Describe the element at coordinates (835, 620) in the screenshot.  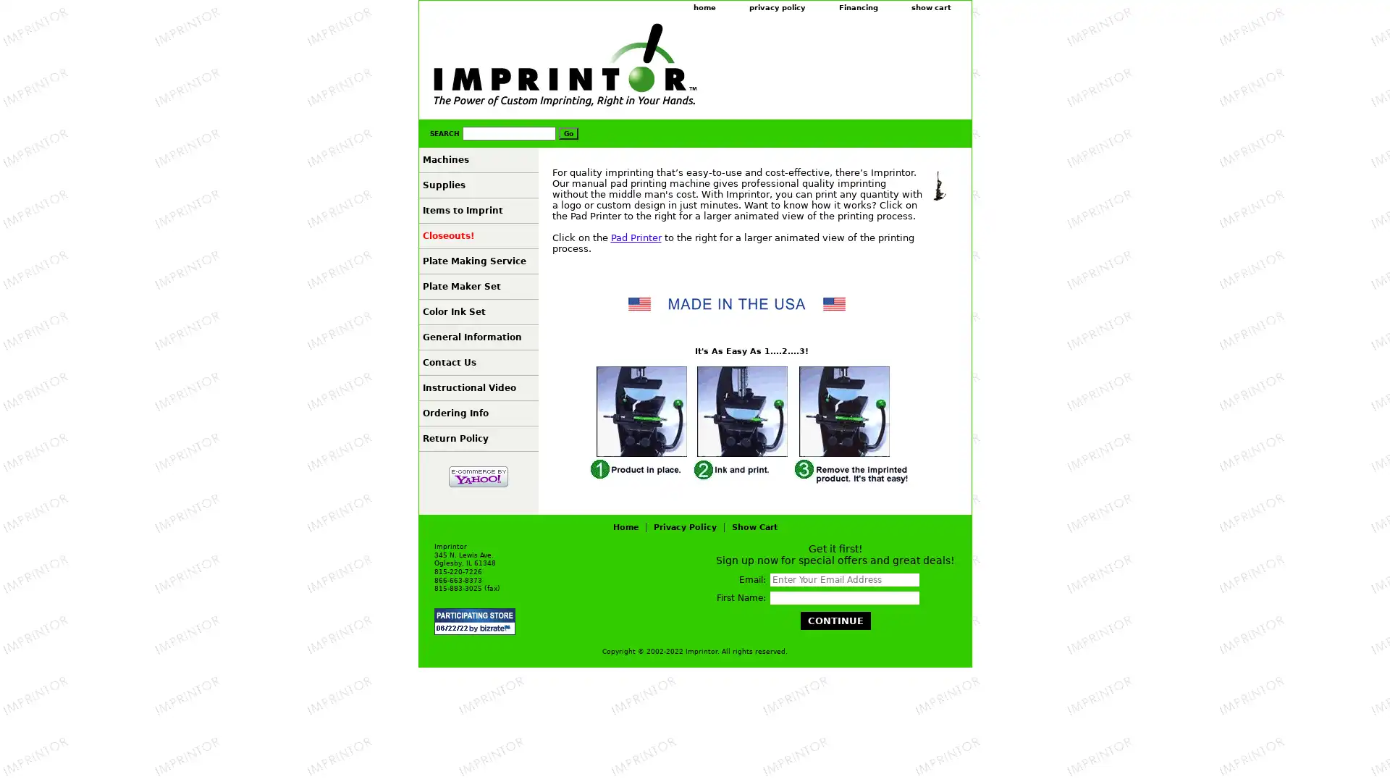
I see `Continue` at that location.